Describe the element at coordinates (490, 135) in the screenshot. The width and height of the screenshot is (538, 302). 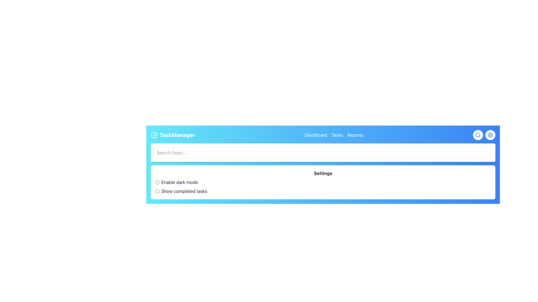
I see `the settings button located at the top right corner of the interface` at that location.